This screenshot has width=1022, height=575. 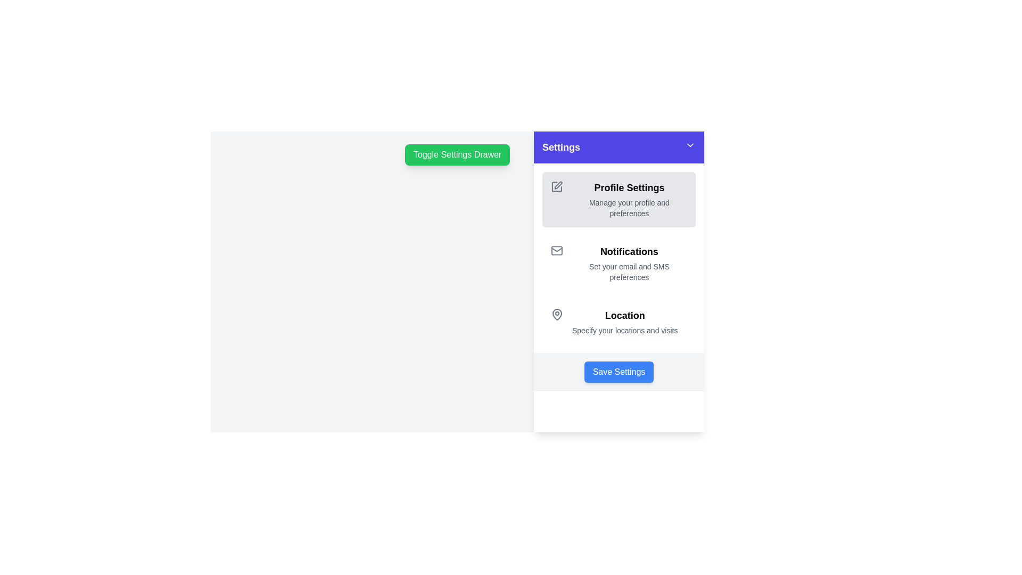 I want to click on the 'Location' menu entry which features a map pin icon on the left and text describing the action to specify locations and visits, so click(x=619, y=322).